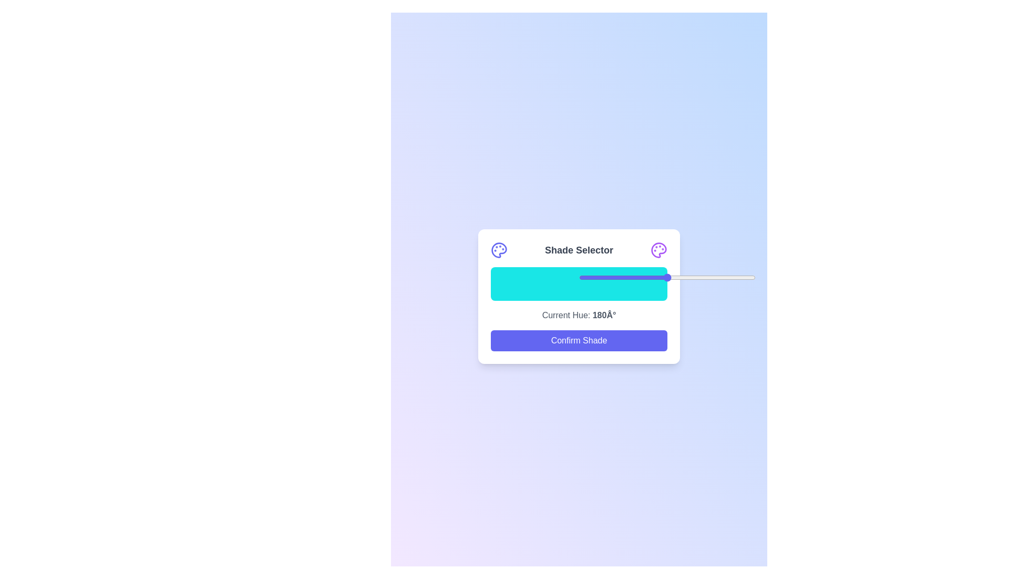 The width and height of the screenshot is (1009, 568). What do you see at coordinates (609, 277) in the screenshot?
I see `the slider to set the shade to 17%` at bounding box center [609, 277].